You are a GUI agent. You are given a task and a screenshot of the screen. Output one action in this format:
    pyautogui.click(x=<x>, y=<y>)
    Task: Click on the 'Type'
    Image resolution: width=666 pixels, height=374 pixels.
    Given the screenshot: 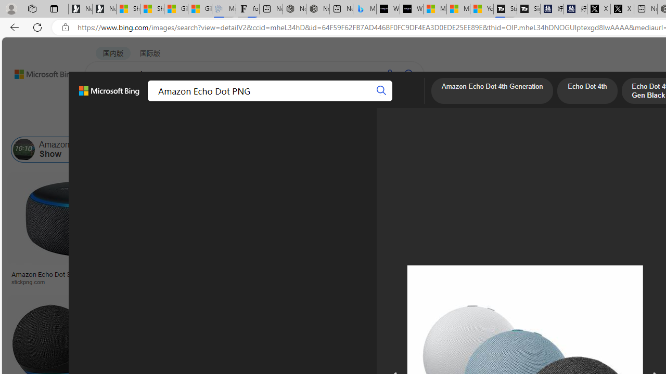 What is the action you would take?
    pyautogui.click(x=194, y=123)
    